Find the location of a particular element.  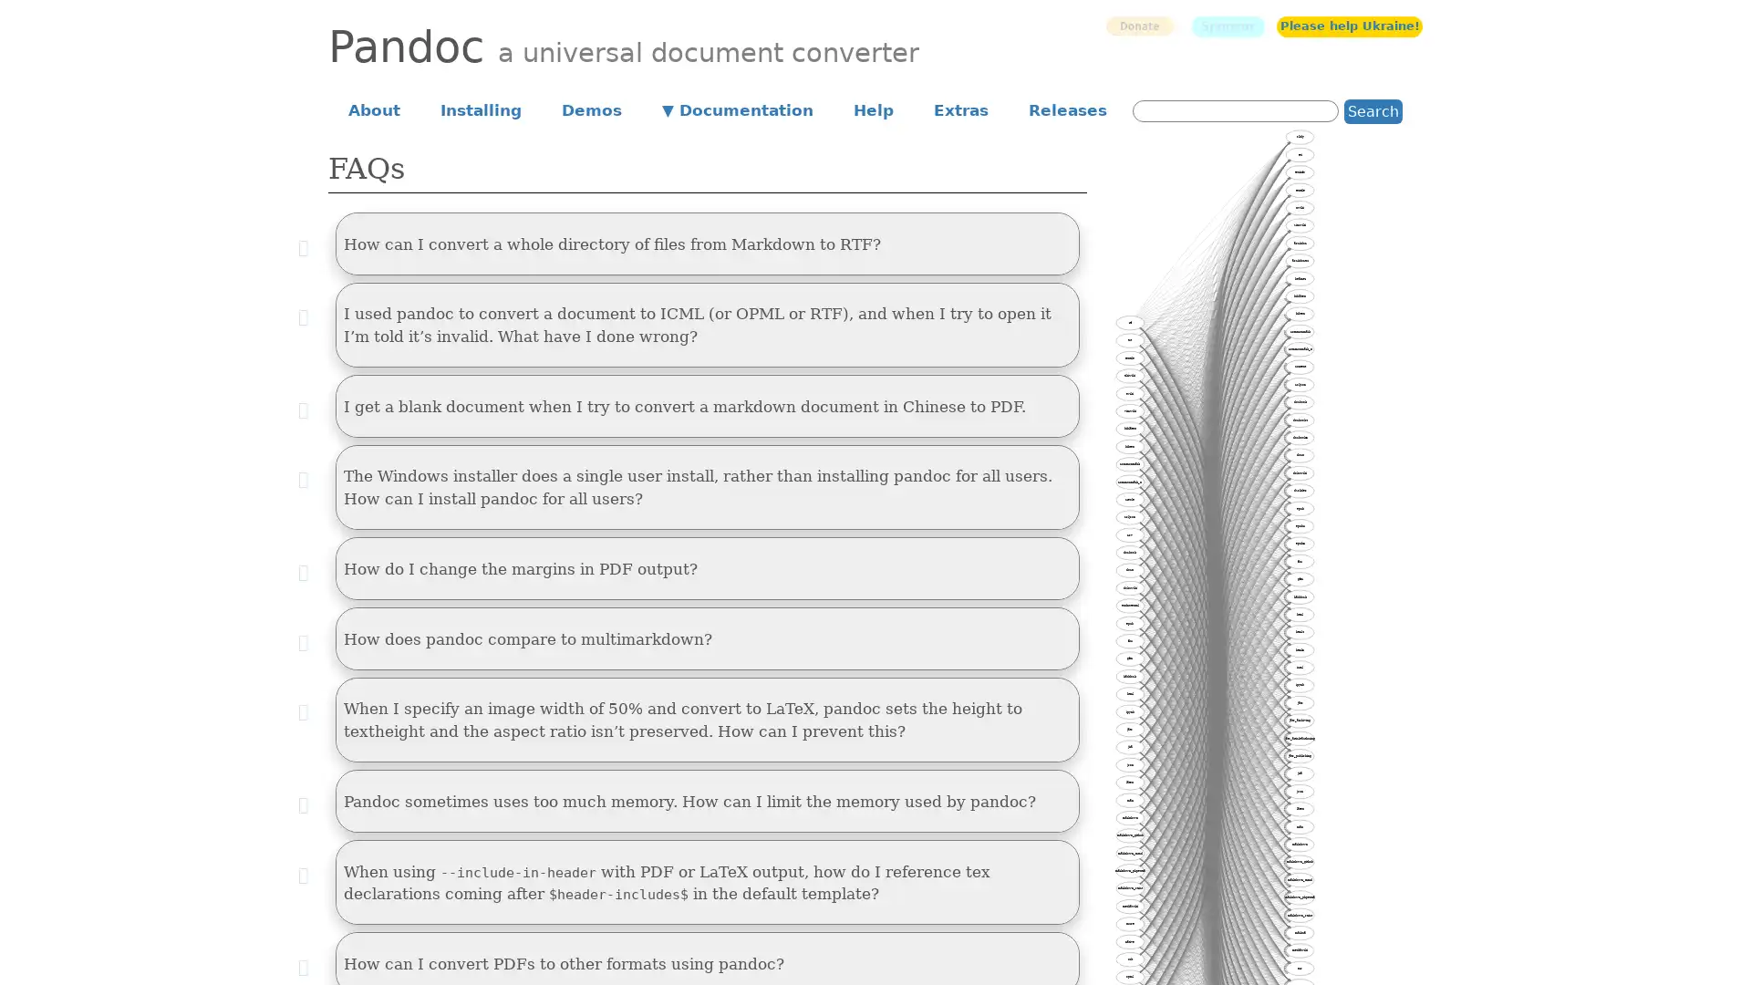

Search is located at coordinates (1373, 110).